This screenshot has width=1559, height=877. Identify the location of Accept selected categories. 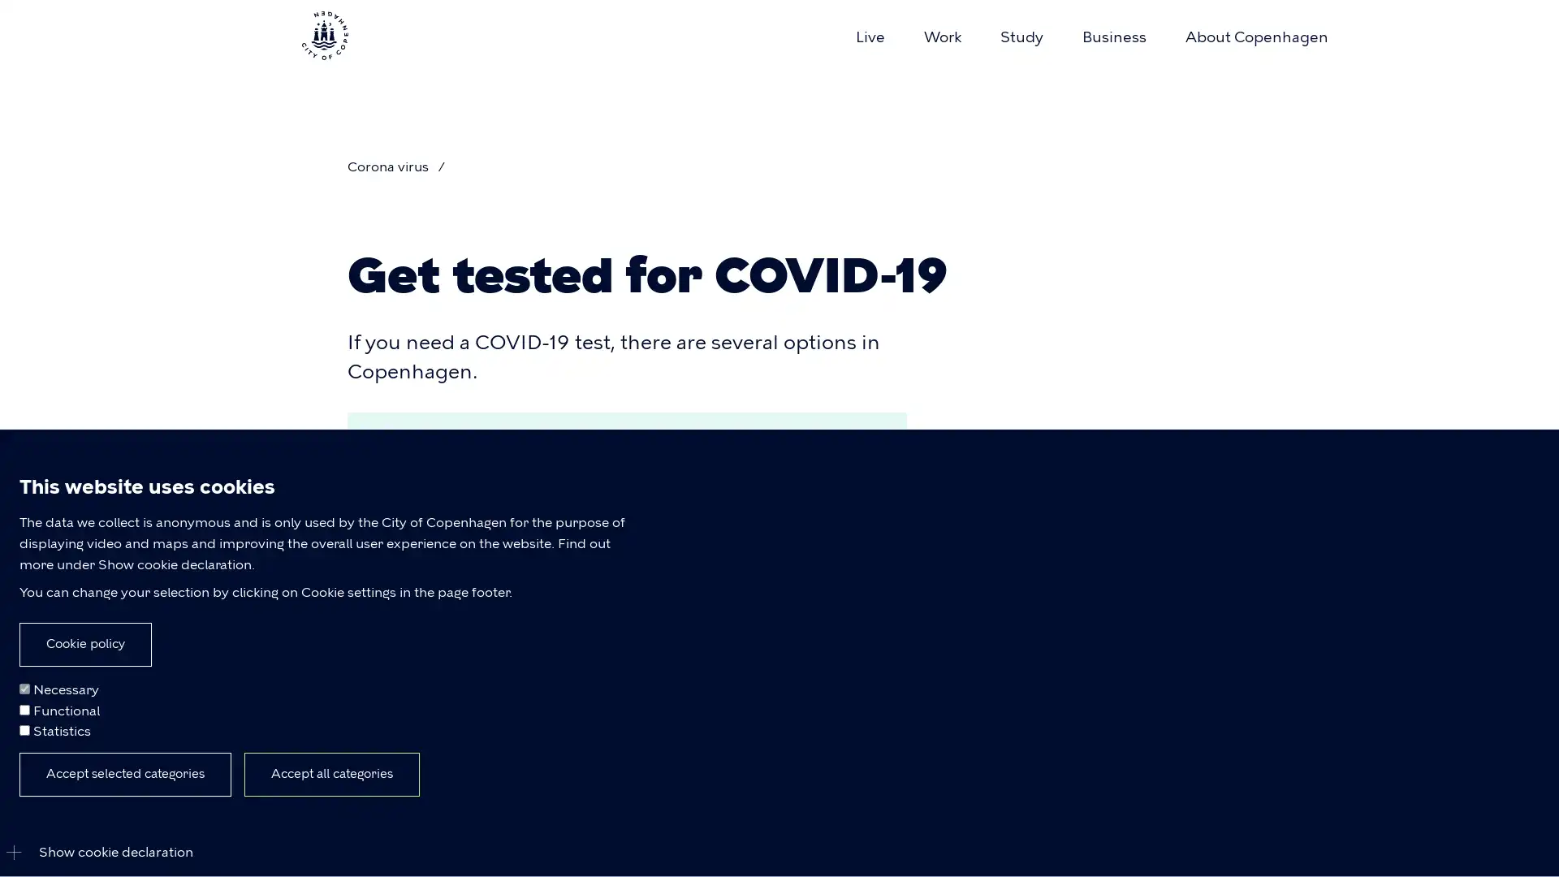
(124, 773).